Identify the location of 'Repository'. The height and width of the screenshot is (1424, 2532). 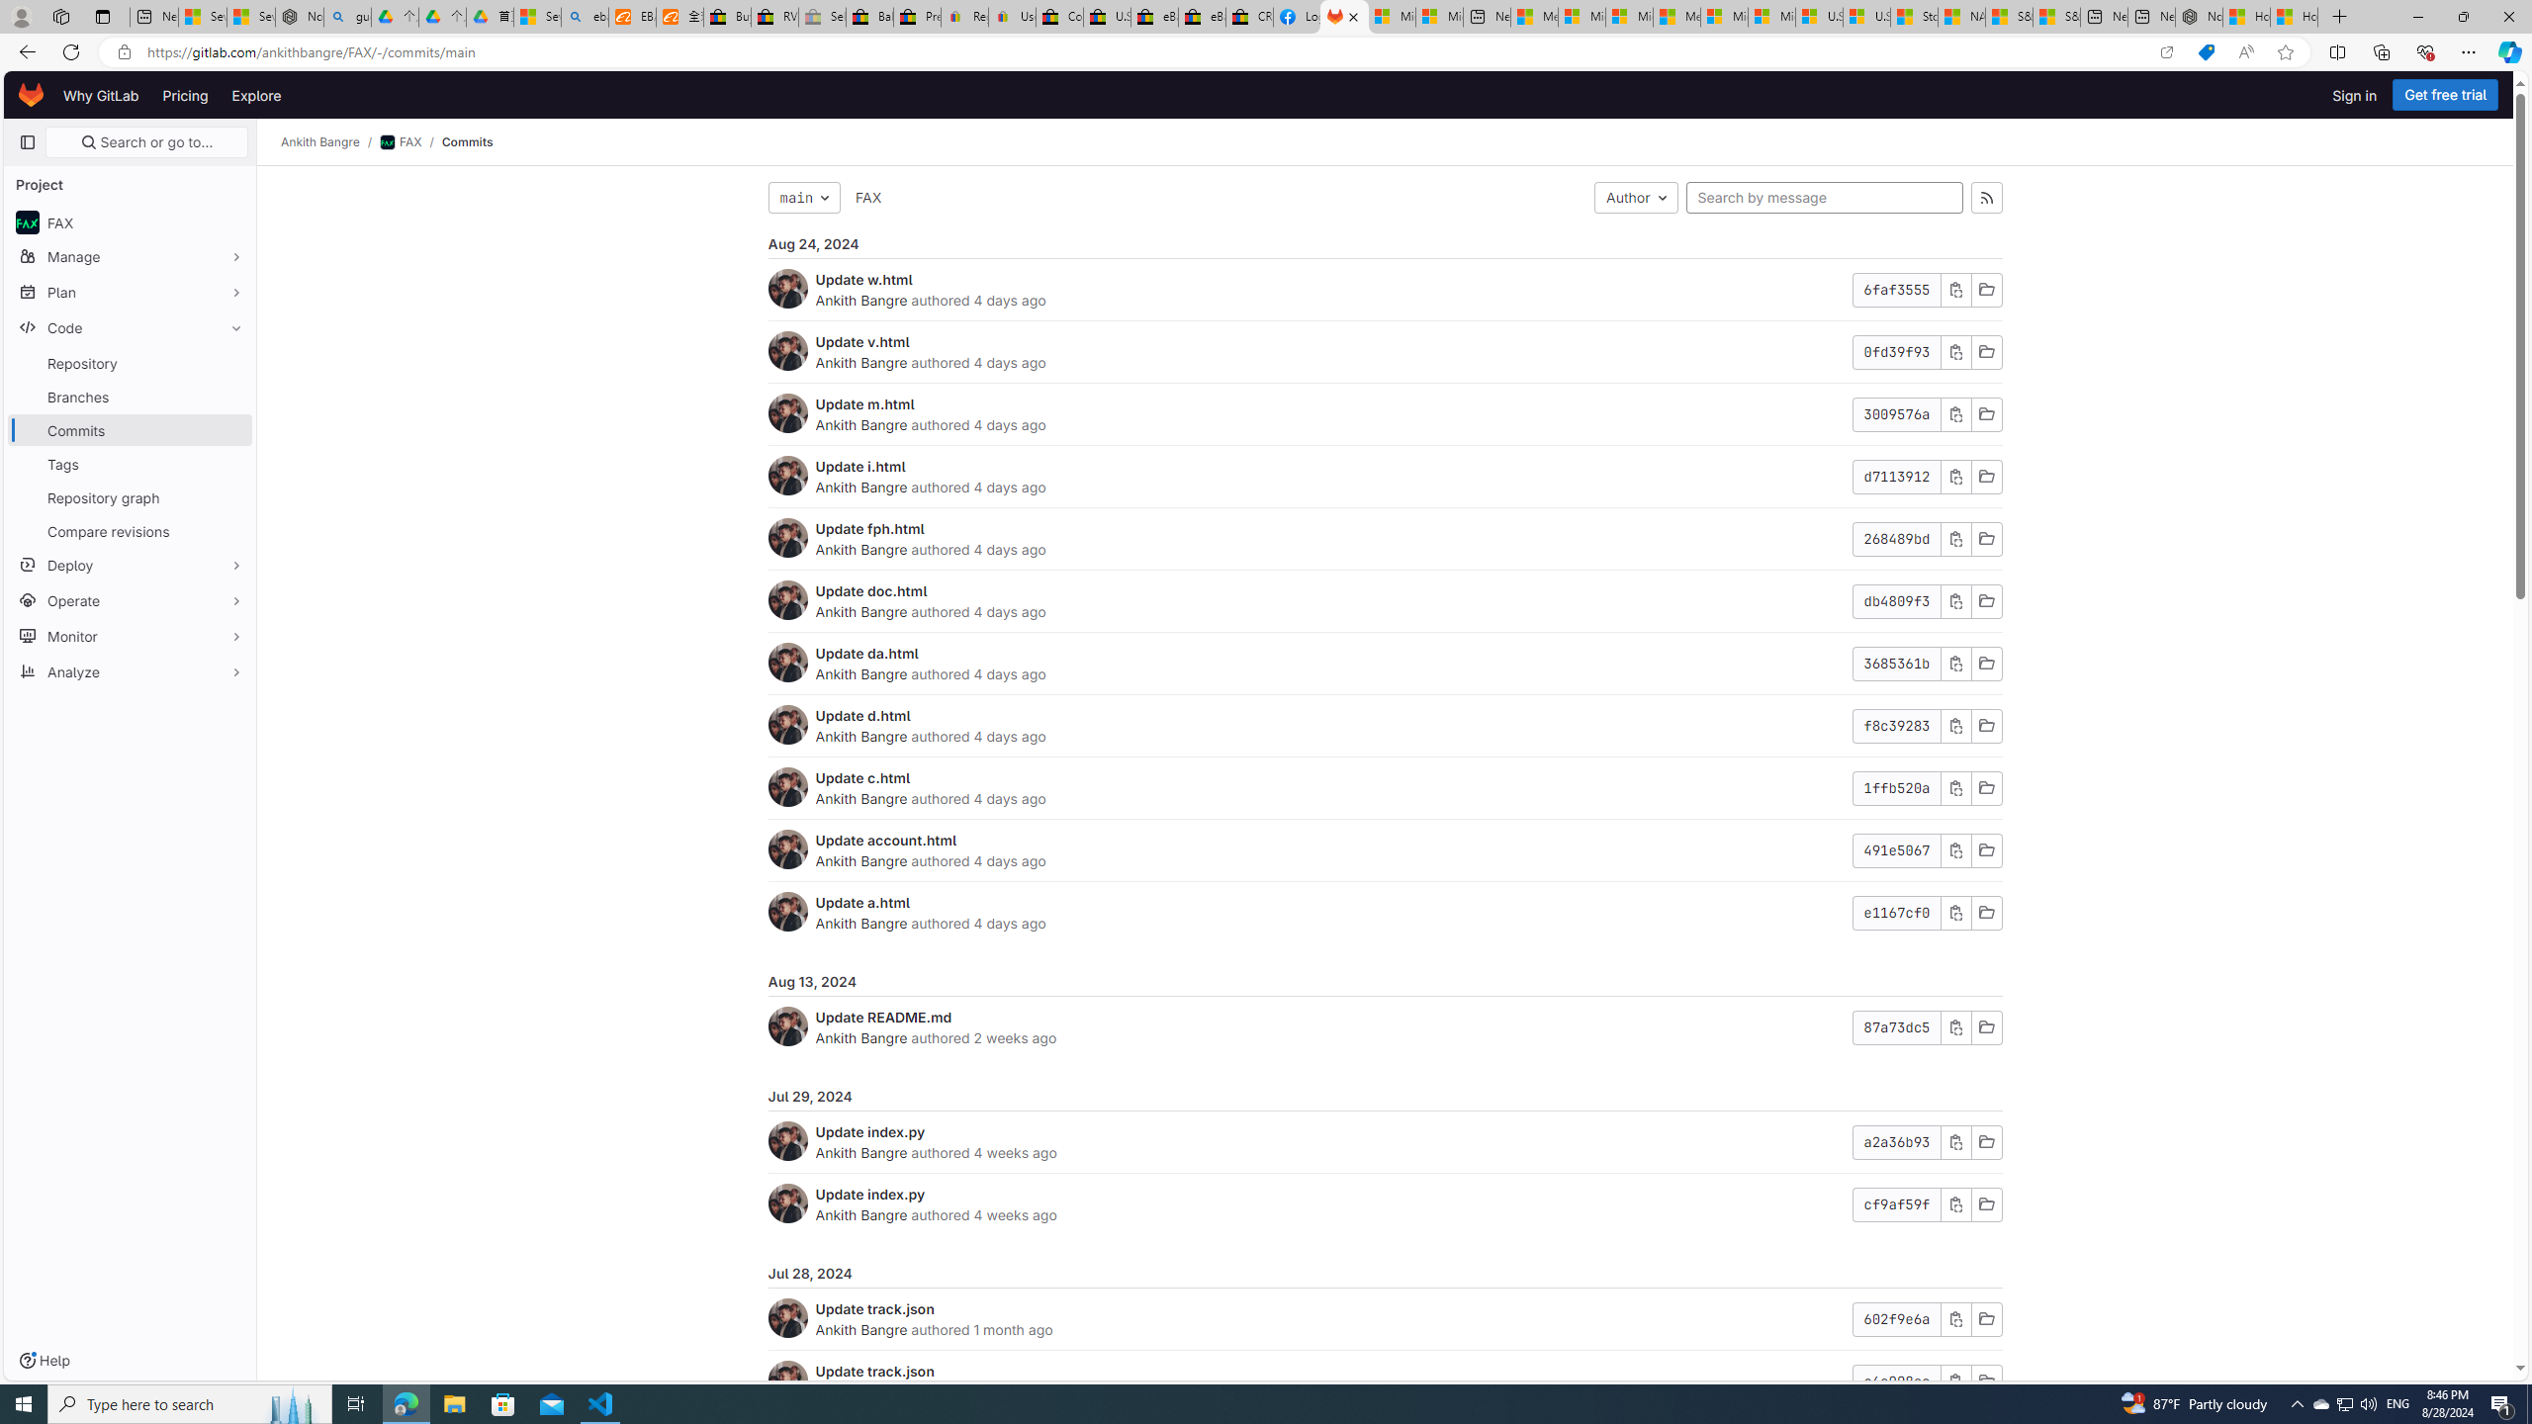
(129, 363).